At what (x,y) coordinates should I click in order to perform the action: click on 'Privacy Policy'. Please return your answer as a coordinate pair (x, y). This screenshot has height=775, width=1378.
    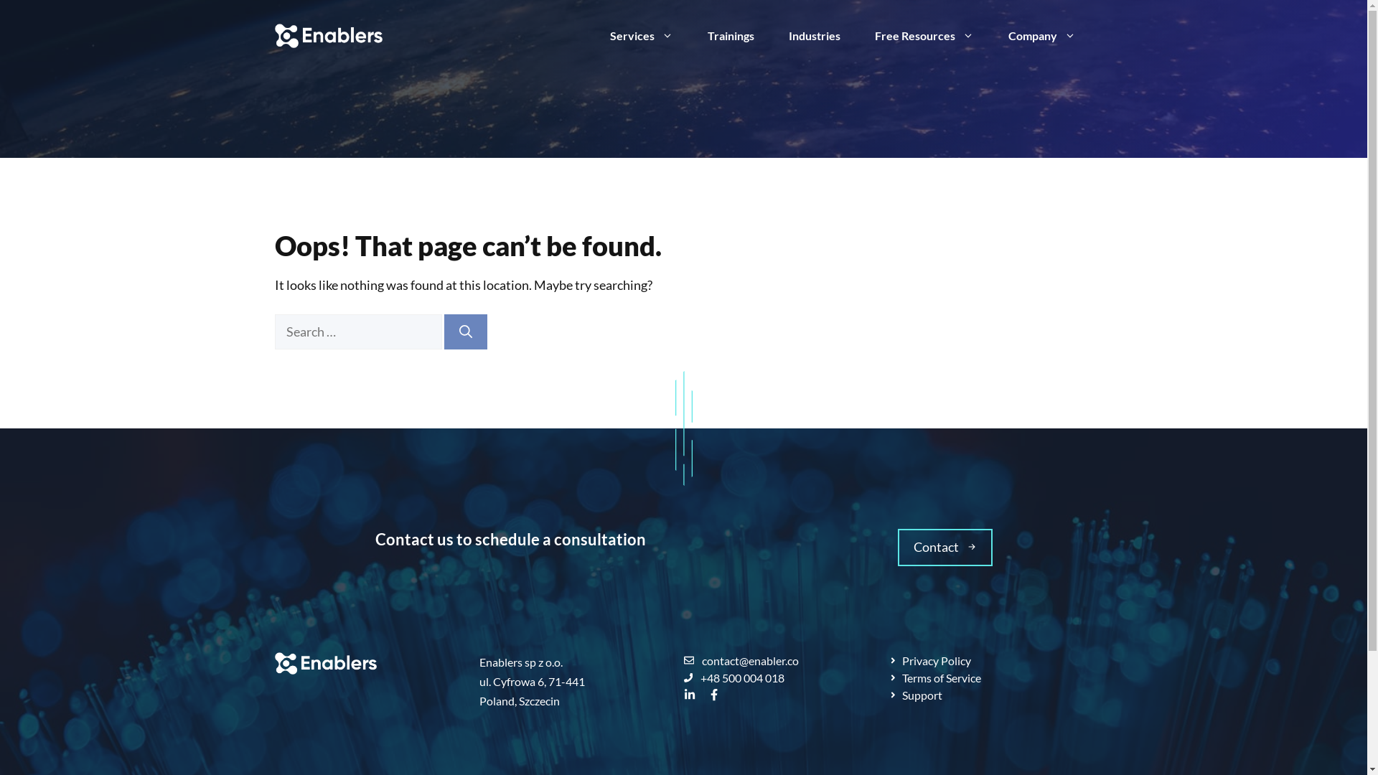
    Looking at the image, I should click on (929, 661).